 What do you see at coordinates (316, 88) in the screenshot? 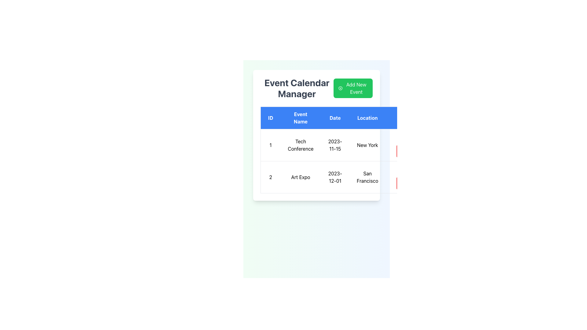
I see `text 'Event Calendar Manager' from the header section of the Event Calendar Manager interface, which is prominently styled and positioned on the left side of the header with the 'Add New Event' button on the right` at bounding box center [316, 88].